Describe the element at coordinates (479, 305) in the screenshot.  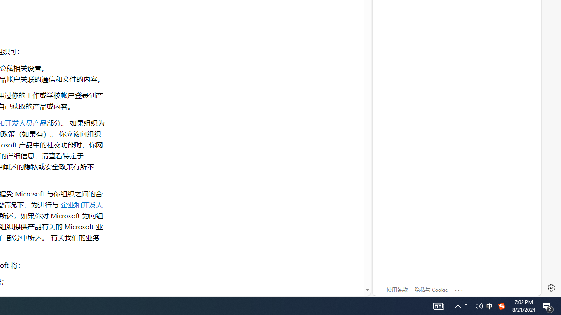
I see `'Q2790: 100%'` at that location.